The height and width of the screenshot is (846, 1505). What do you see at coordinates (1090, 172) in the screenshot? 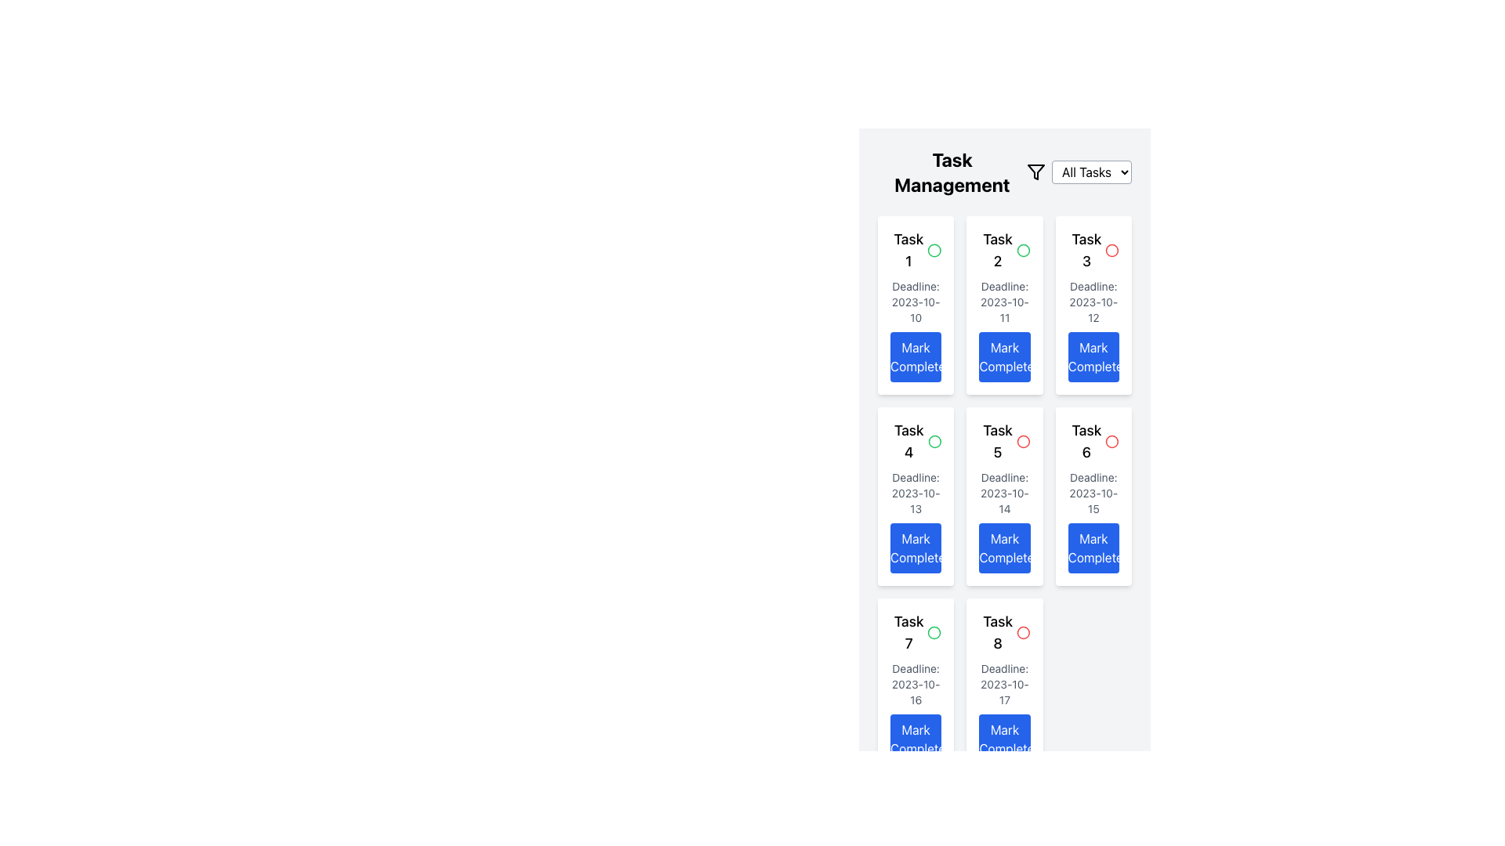
I see `the Dropdown button located in the top-right corner of the 'Task Management' interface` at bounding box center [1090, 172].